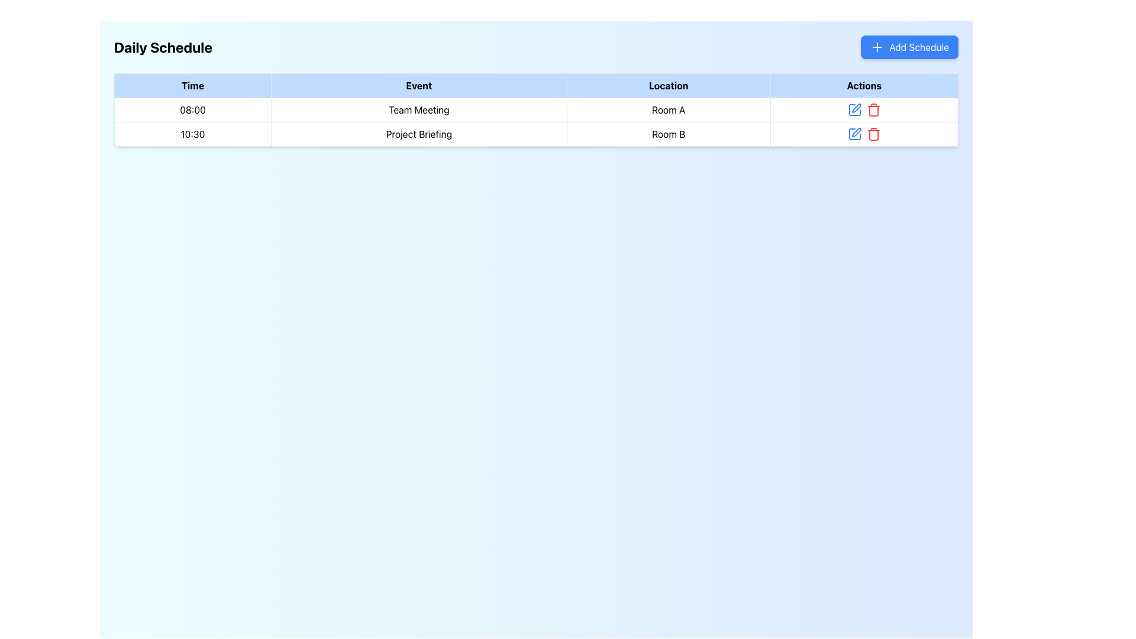 This screenshot has height=639, width=1136. Describe the element at coordinates (419, 85) in the screenshot. I see `the Table Header Cell labeled 'Event' which is the second column header in a grid with a light blue background and bold text` at that location.